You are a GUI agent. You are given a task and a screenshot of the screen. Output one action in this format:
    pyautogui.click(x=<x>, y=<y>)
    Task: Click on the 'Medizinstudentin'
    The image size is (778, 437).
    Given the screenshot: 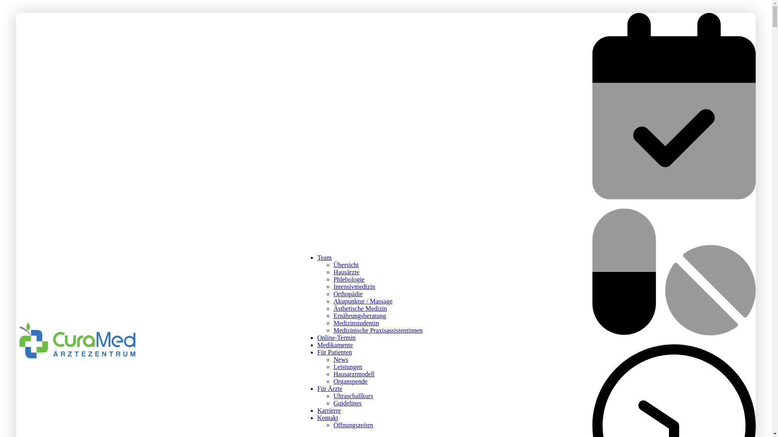 What is the action you would take?
    pyautogui.click(x=356, y=322)
    